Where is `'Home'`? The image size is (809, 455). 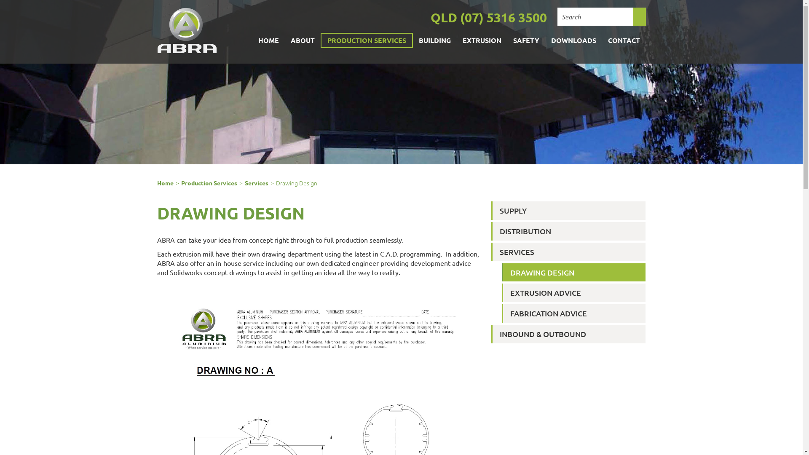 'Home' is located at coordinates (165, 182).